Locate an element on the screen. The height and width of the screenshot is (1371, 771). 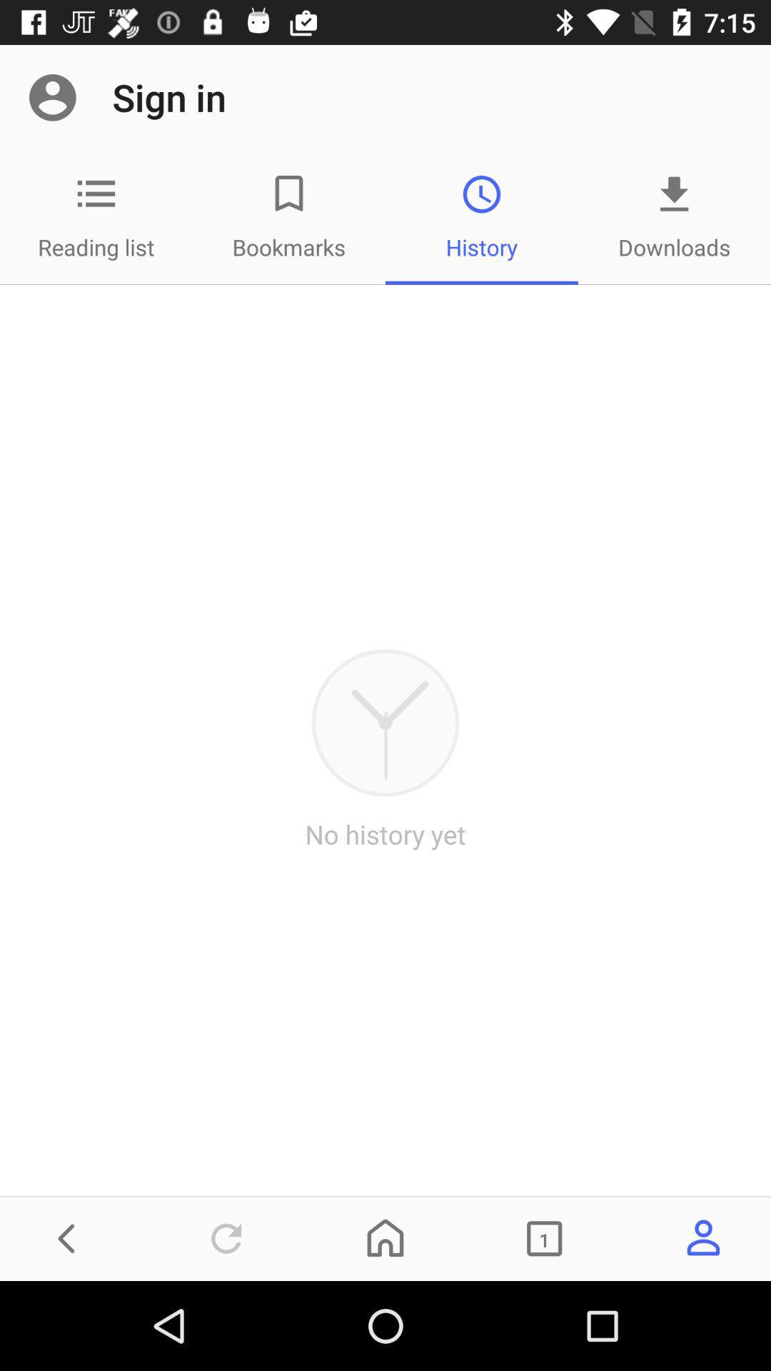
refresh is located at coordinates (226, 1237).